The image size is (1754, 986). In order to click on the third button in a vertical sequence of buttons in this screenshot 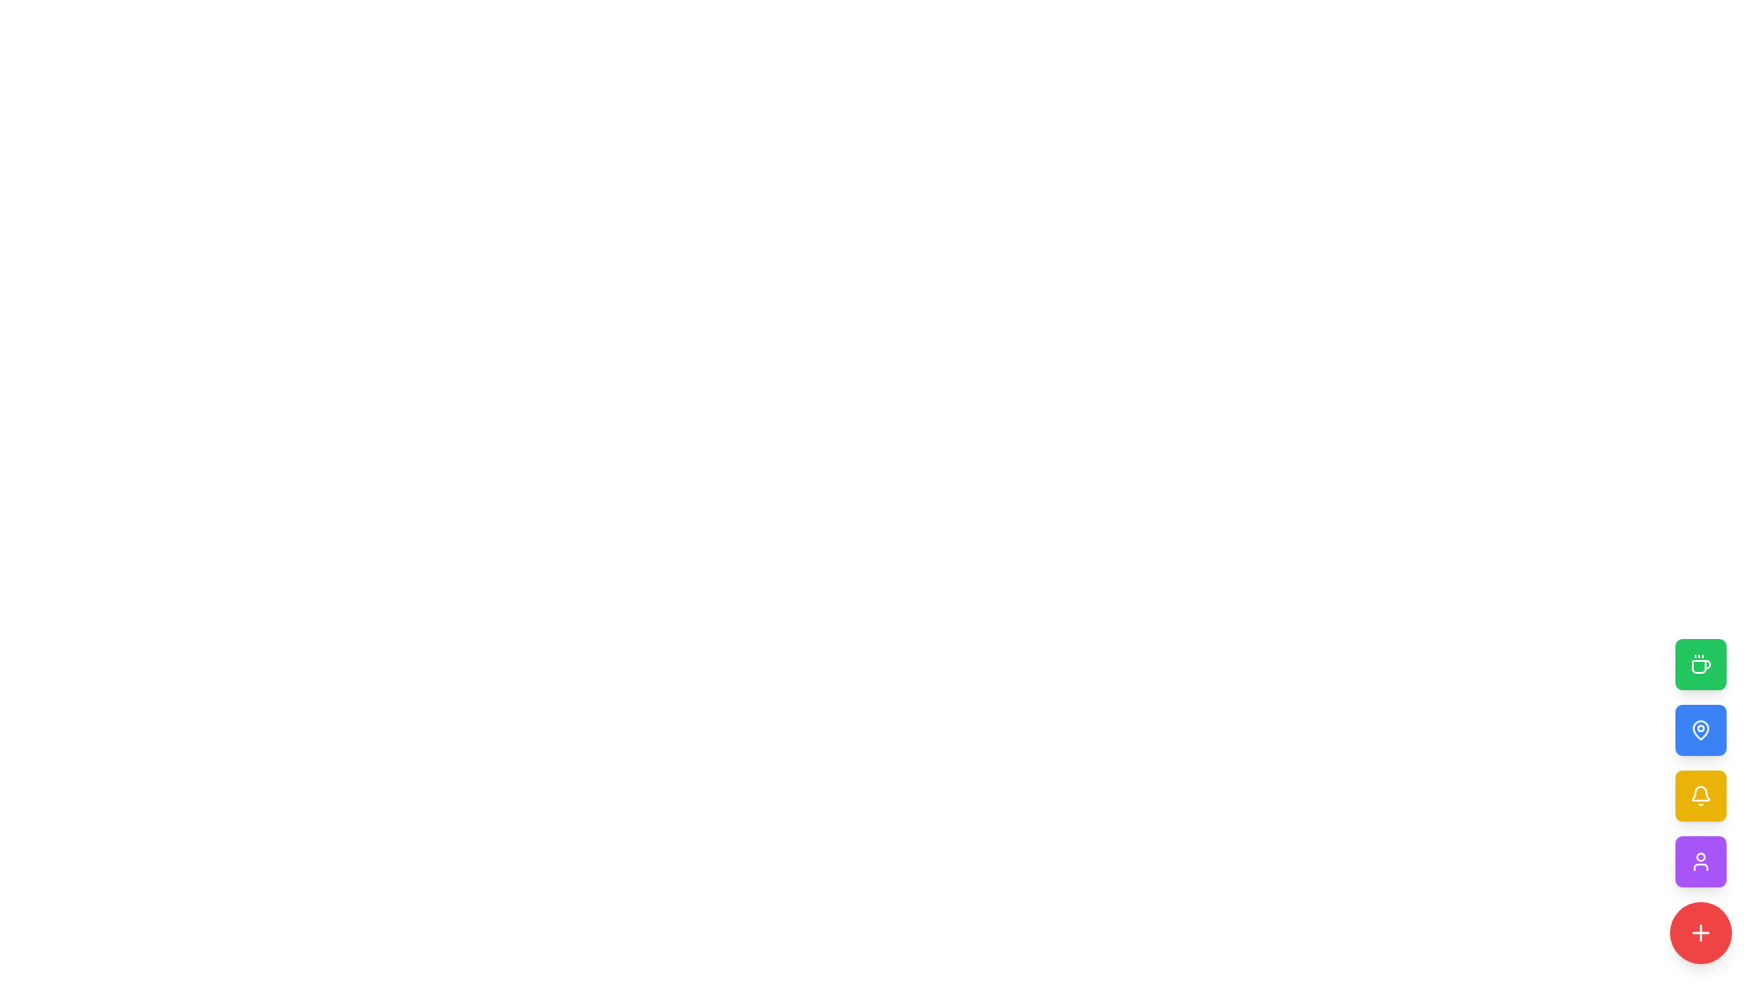, I will do `click(1700, 794)`.